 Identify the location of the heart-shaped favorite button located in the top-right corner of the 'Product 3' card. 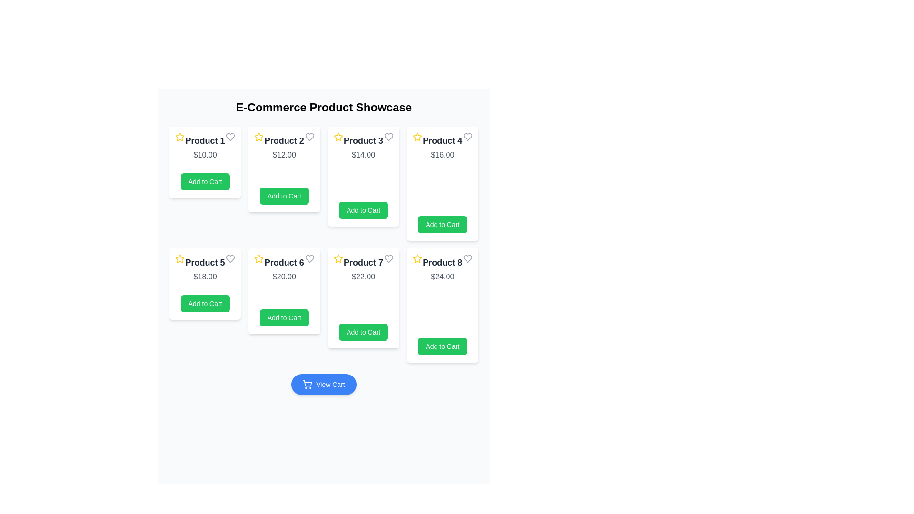
(388, 137).